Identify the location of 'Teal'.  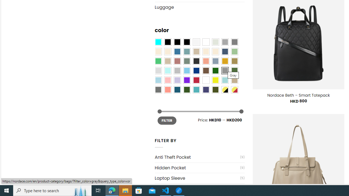
(196, 89).